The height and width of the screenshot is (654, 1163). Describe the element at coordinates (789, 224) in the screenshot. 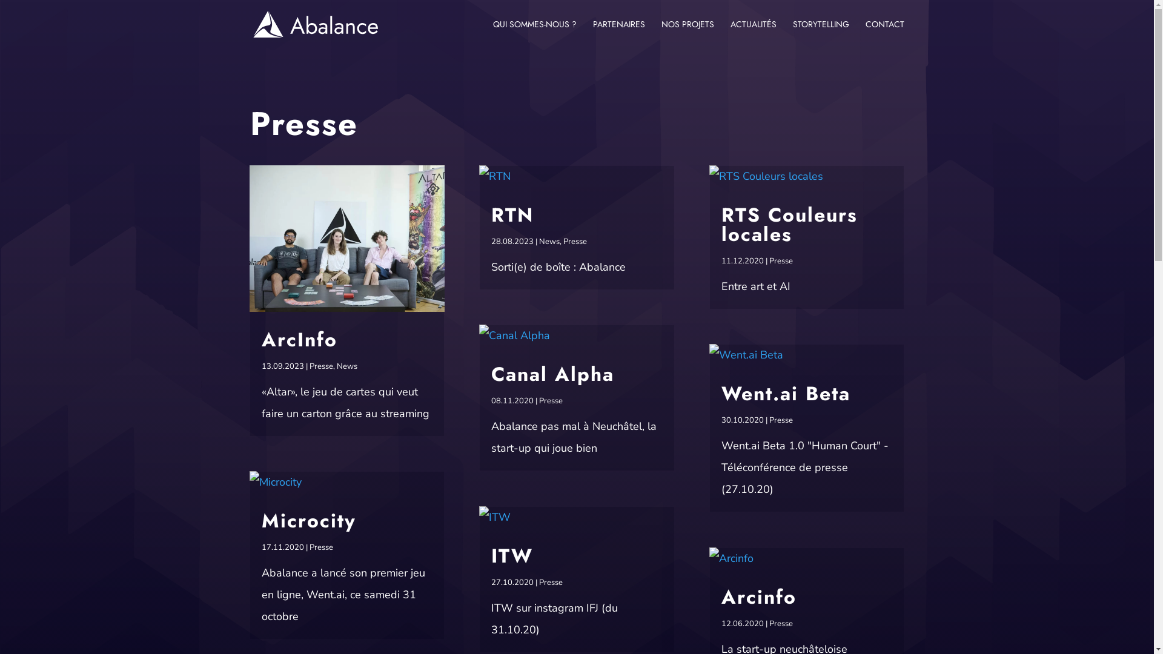

I see `'RTS Couleurs locales'` at that location.